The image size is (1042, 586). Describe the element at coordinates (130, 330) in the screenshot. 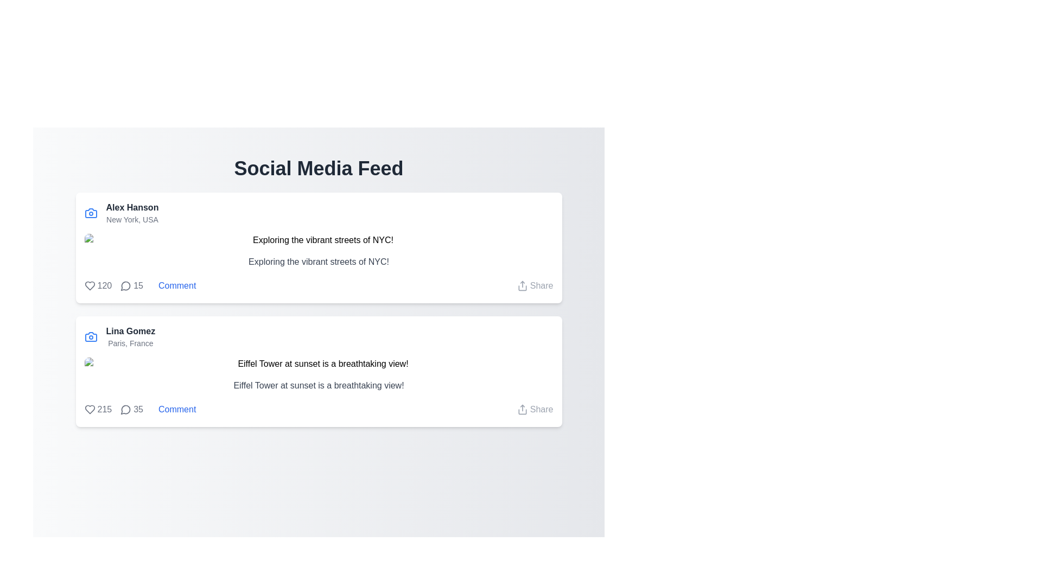

I see `the text label displaying the author's name in the social media post card, located below the profile picture icon` at that location.